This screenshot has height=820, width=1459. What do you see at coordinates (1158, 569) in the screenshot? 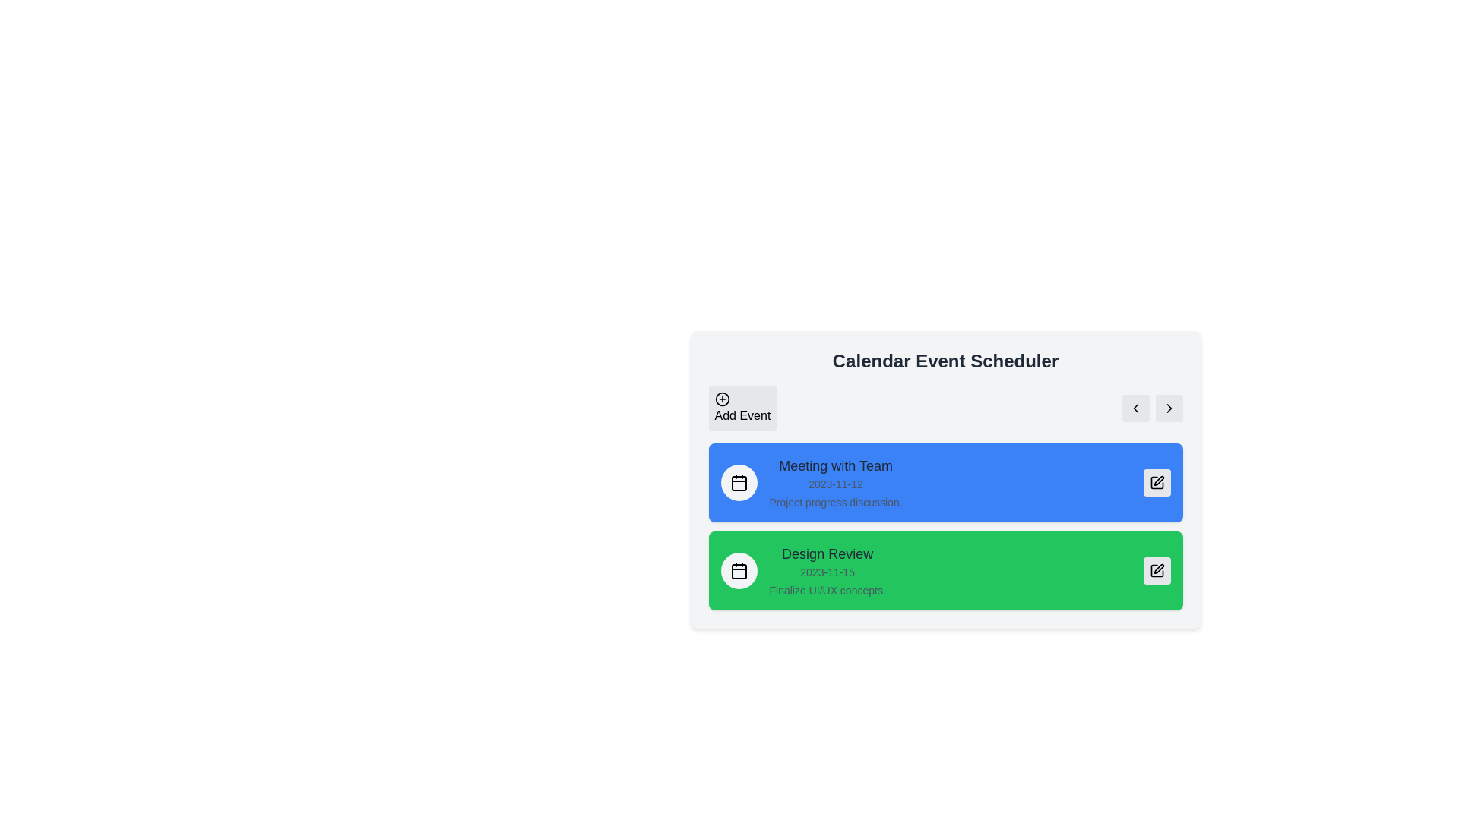
I see `the pen icon representing the edit button for the 'Design Review' event entry` at bounding box center [1158, 569].